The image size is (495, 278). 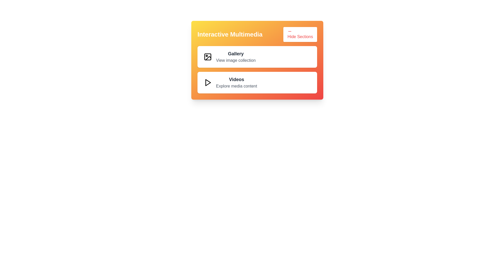 I want to click on the Text label that serves as a heading or label, positioned directly above the 'Explore media content' text, so click(x=236, y=79).